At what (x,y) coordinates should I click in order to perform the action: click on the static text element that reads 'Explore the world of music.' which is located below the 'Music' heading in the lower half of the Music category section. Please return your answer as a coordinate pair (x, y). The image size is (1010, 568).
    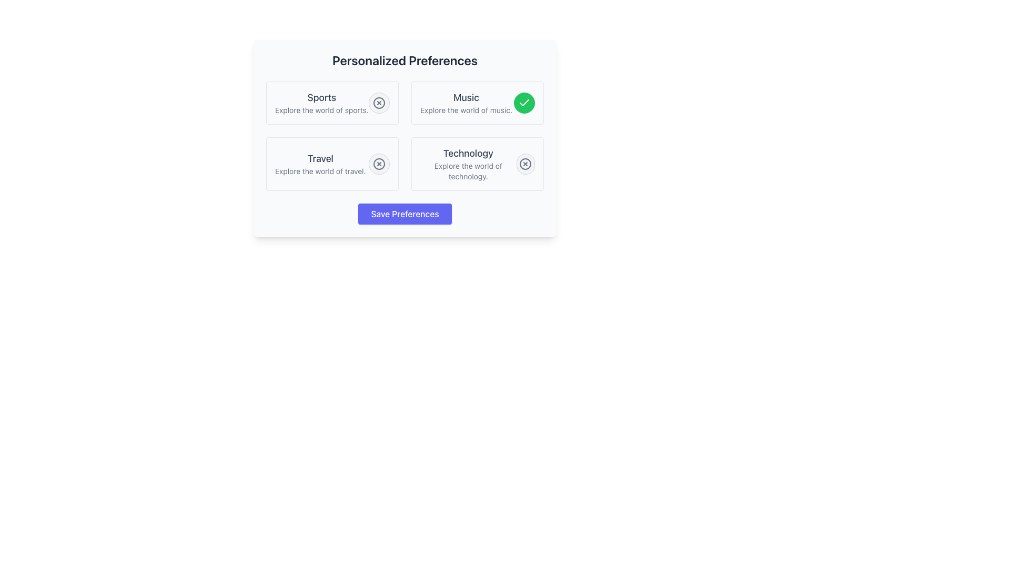
    Looking at the image, I should click on (466, 110).